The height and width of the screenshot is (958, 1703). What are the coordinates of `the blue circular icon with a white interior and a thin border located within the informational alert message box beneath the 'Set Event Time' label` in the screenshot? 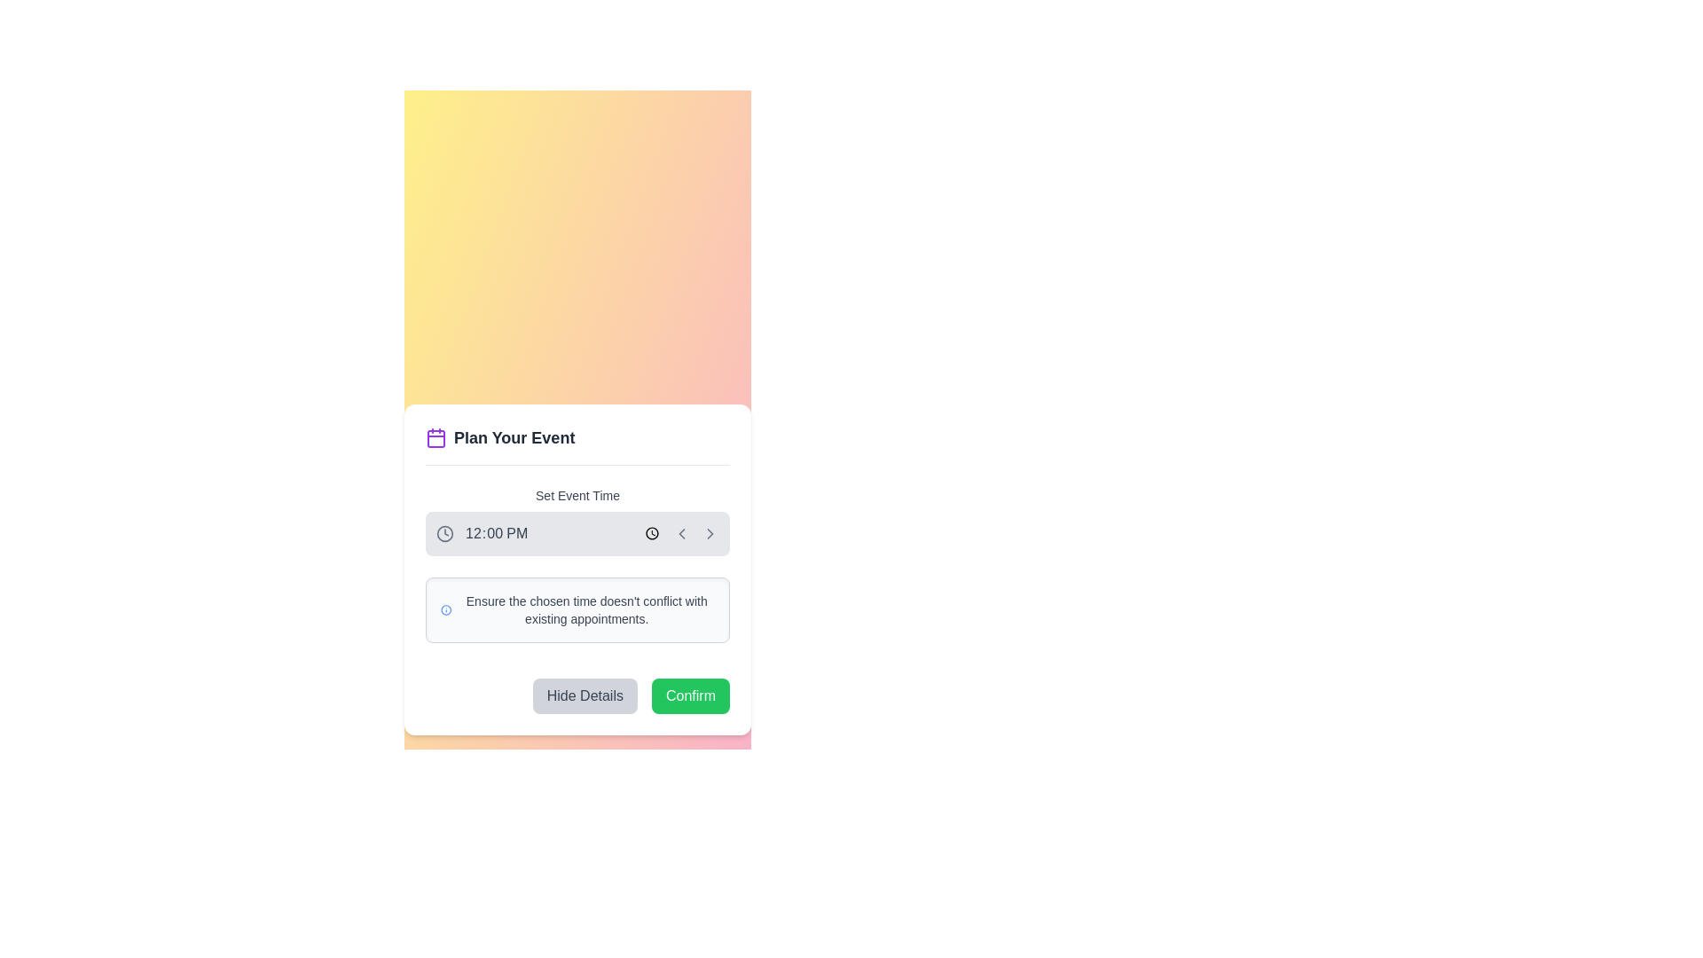 It's located at (446, 609).